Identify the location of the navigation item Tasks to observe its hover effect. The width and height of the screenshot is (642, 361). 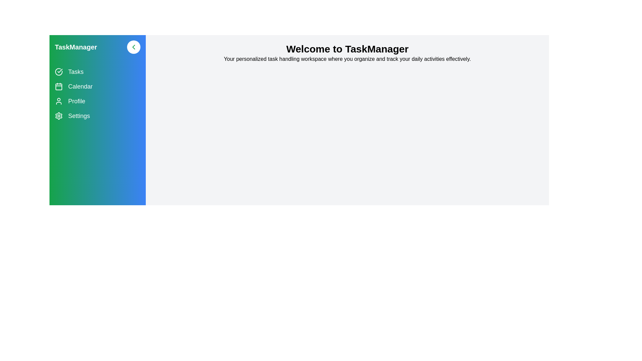
(97, 72).